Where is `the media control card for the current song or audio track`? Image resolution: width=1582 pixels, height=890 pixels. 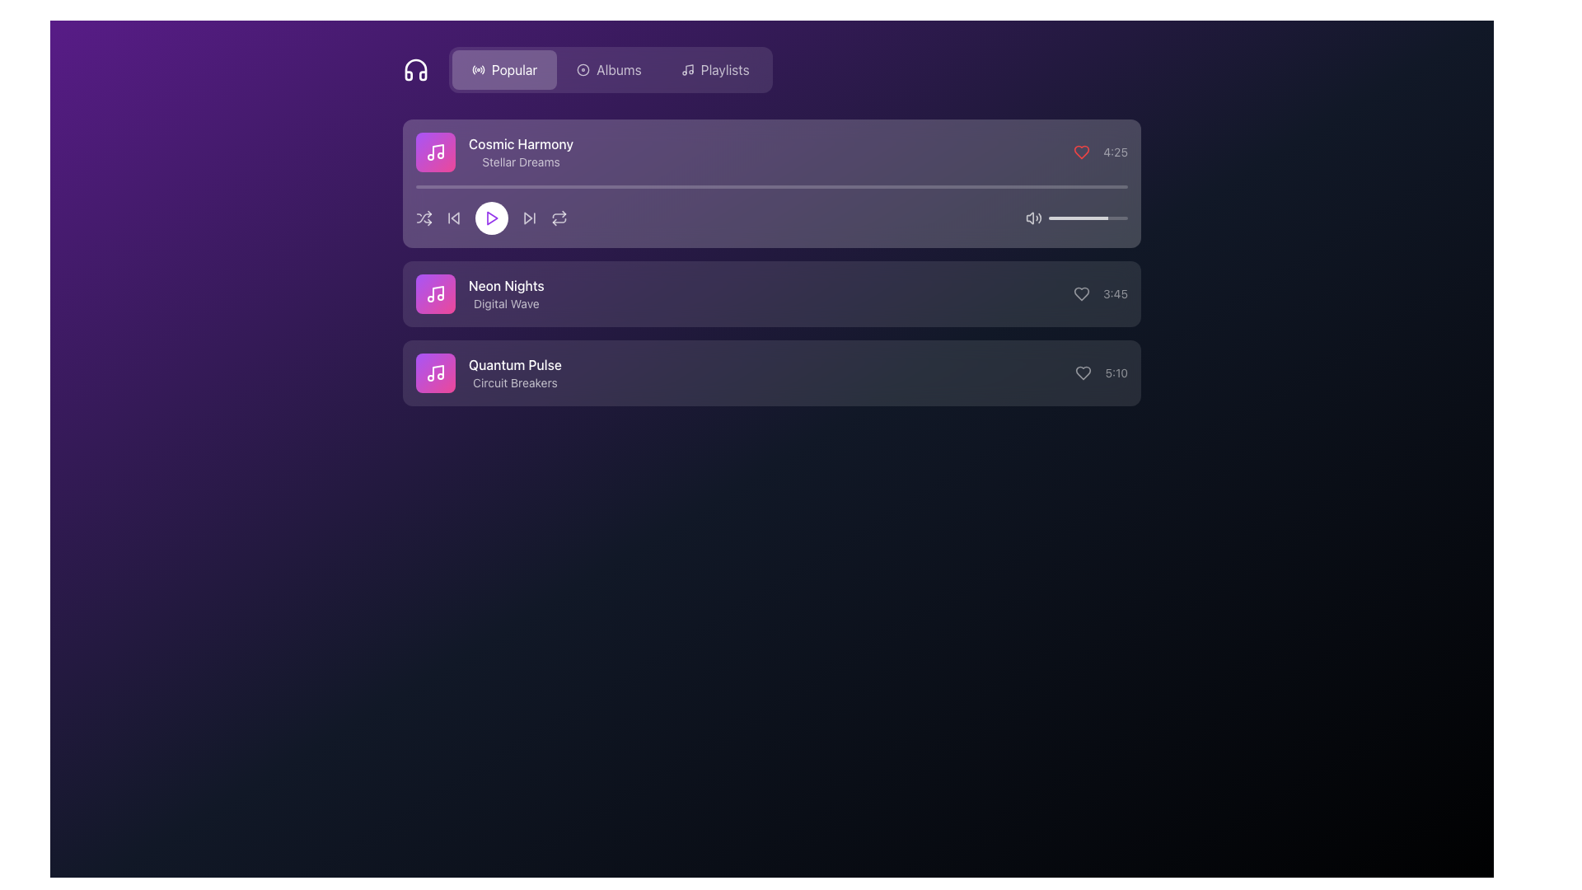 the media control card for the current song or audio track is located at coordinates (770, 184).